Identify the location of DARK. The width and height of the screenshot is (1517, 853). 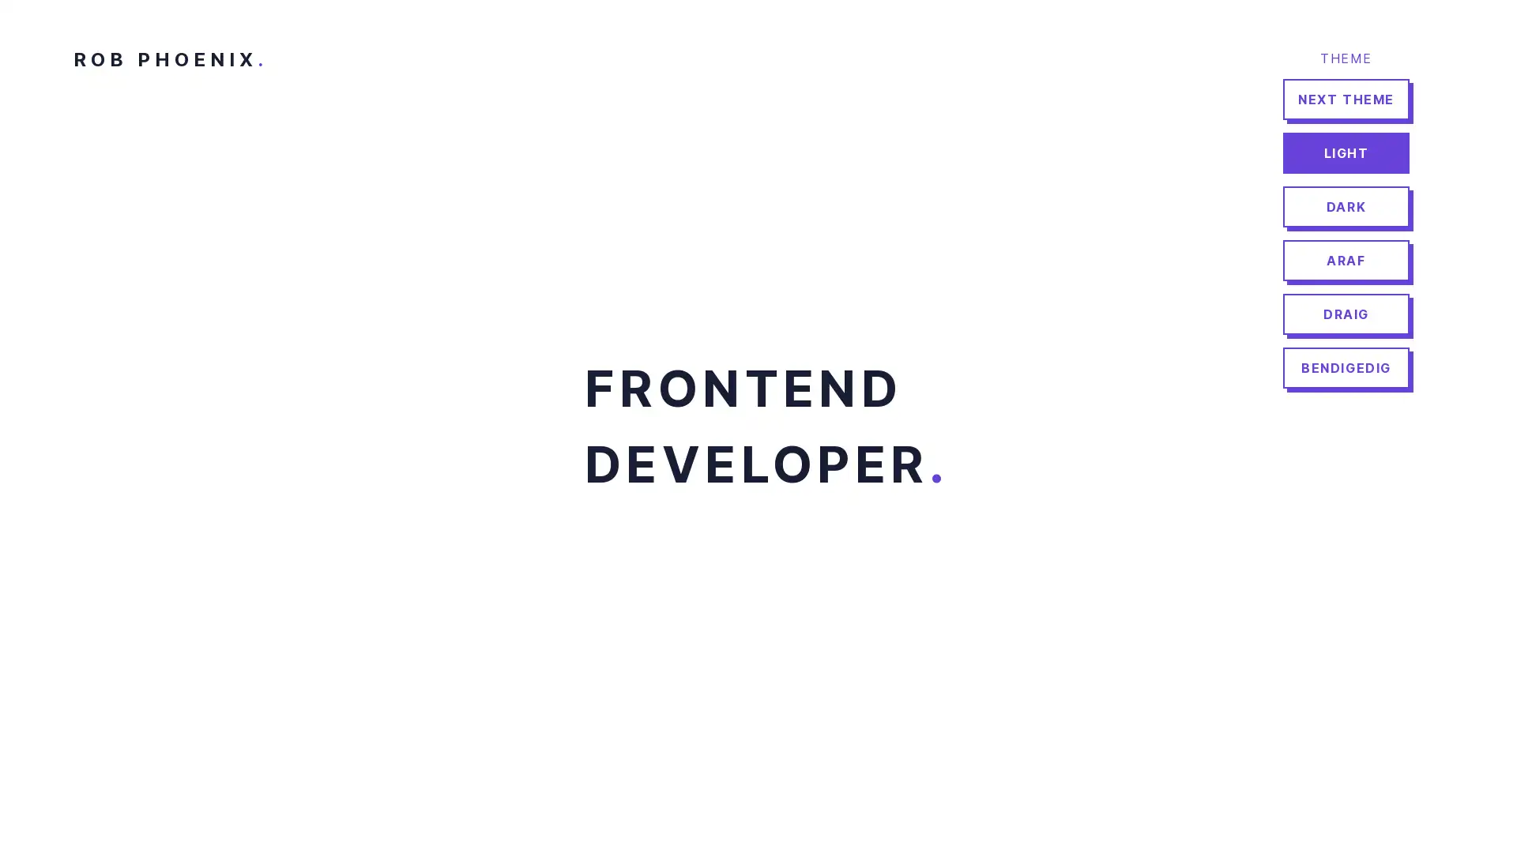
(1346, 206).